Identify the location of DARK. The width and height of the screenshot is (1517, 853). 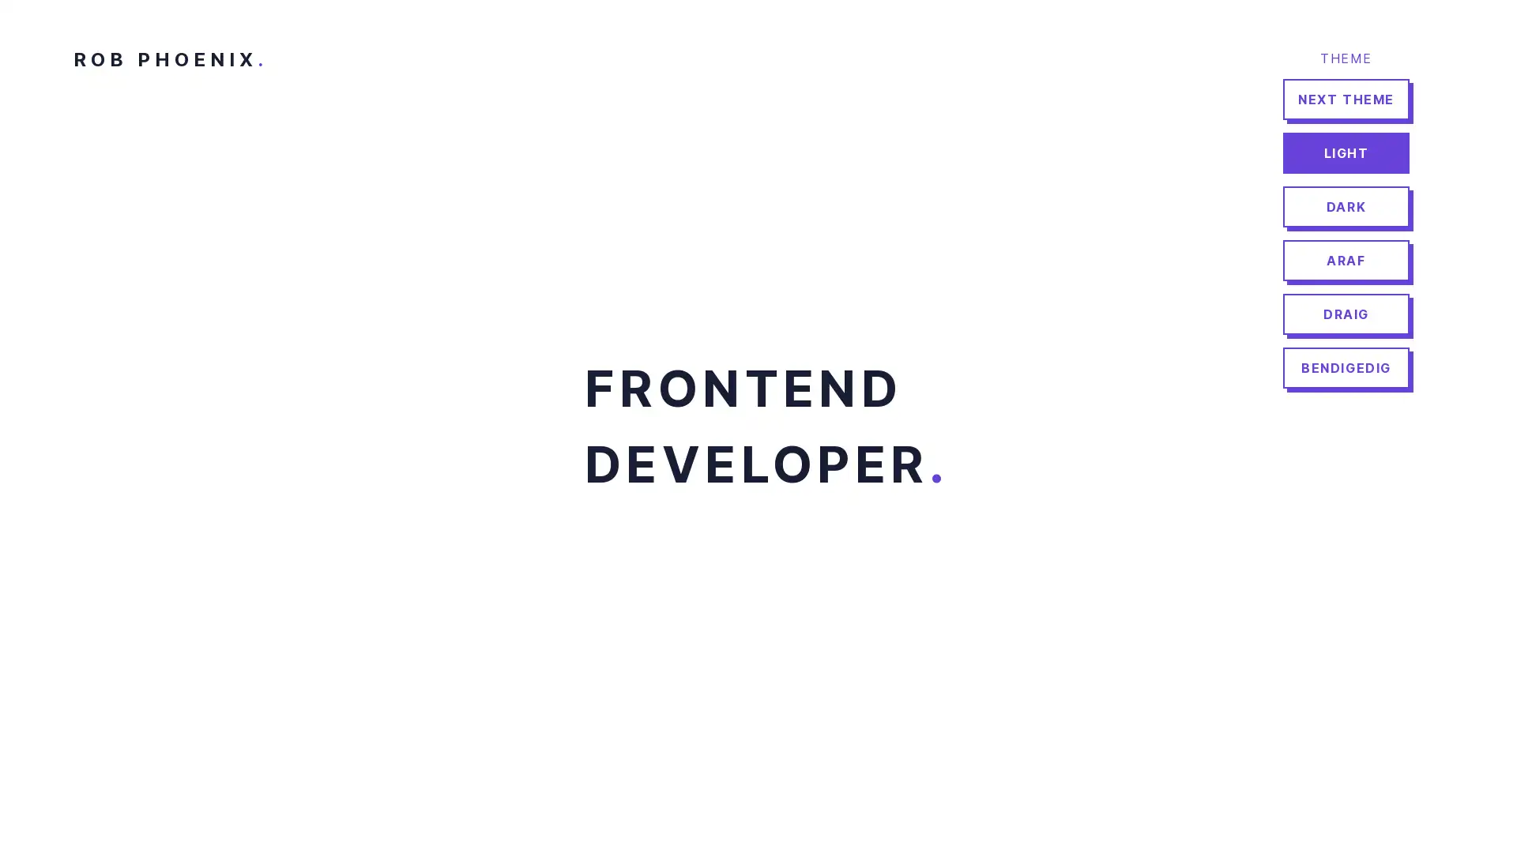
(1346, 206).